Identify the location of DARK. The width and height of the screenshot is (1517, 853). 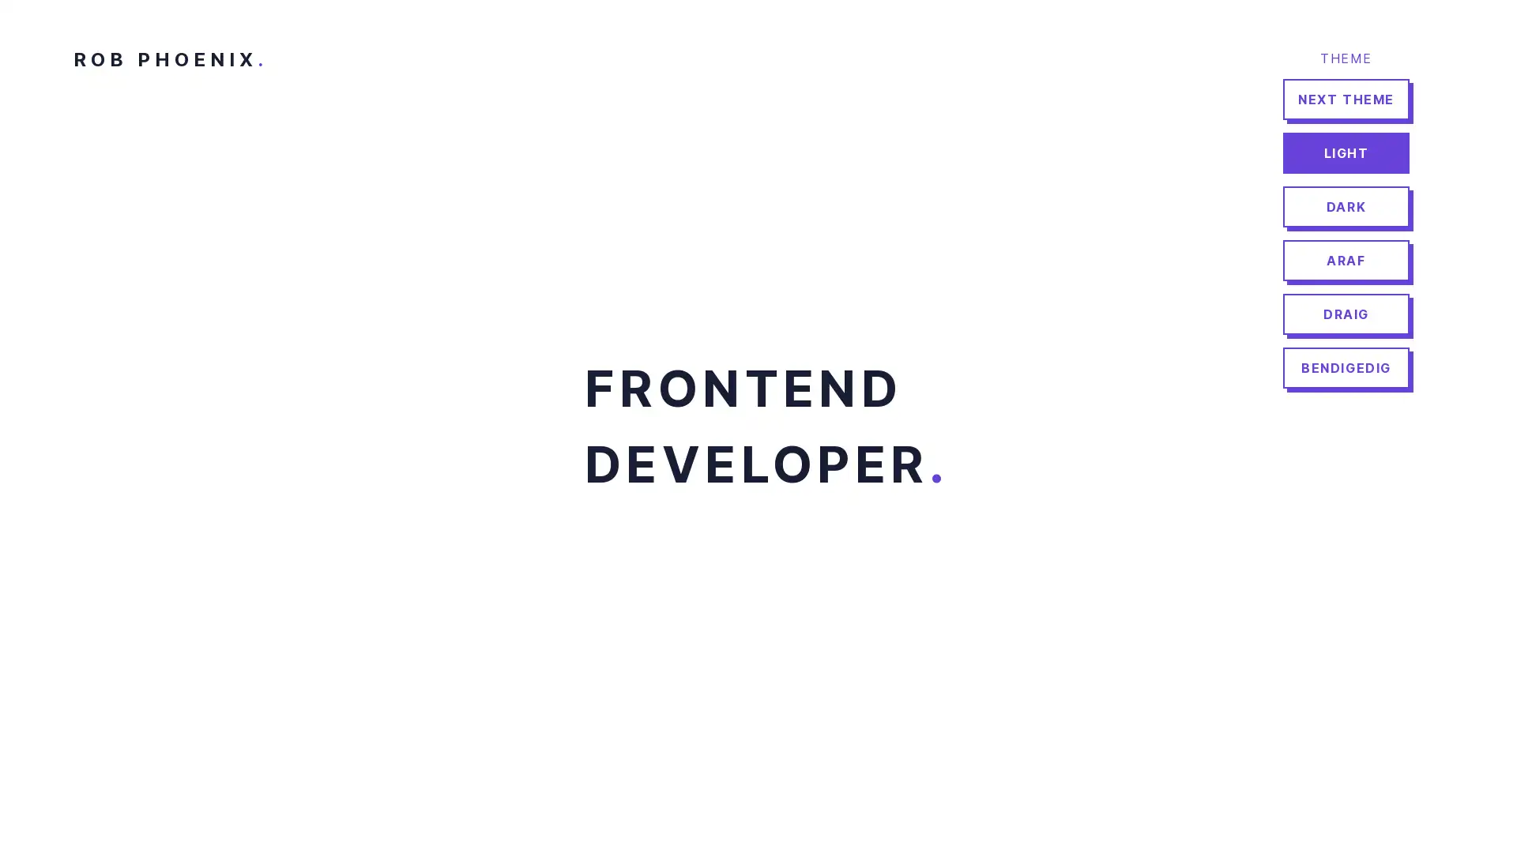
(1346, 206).